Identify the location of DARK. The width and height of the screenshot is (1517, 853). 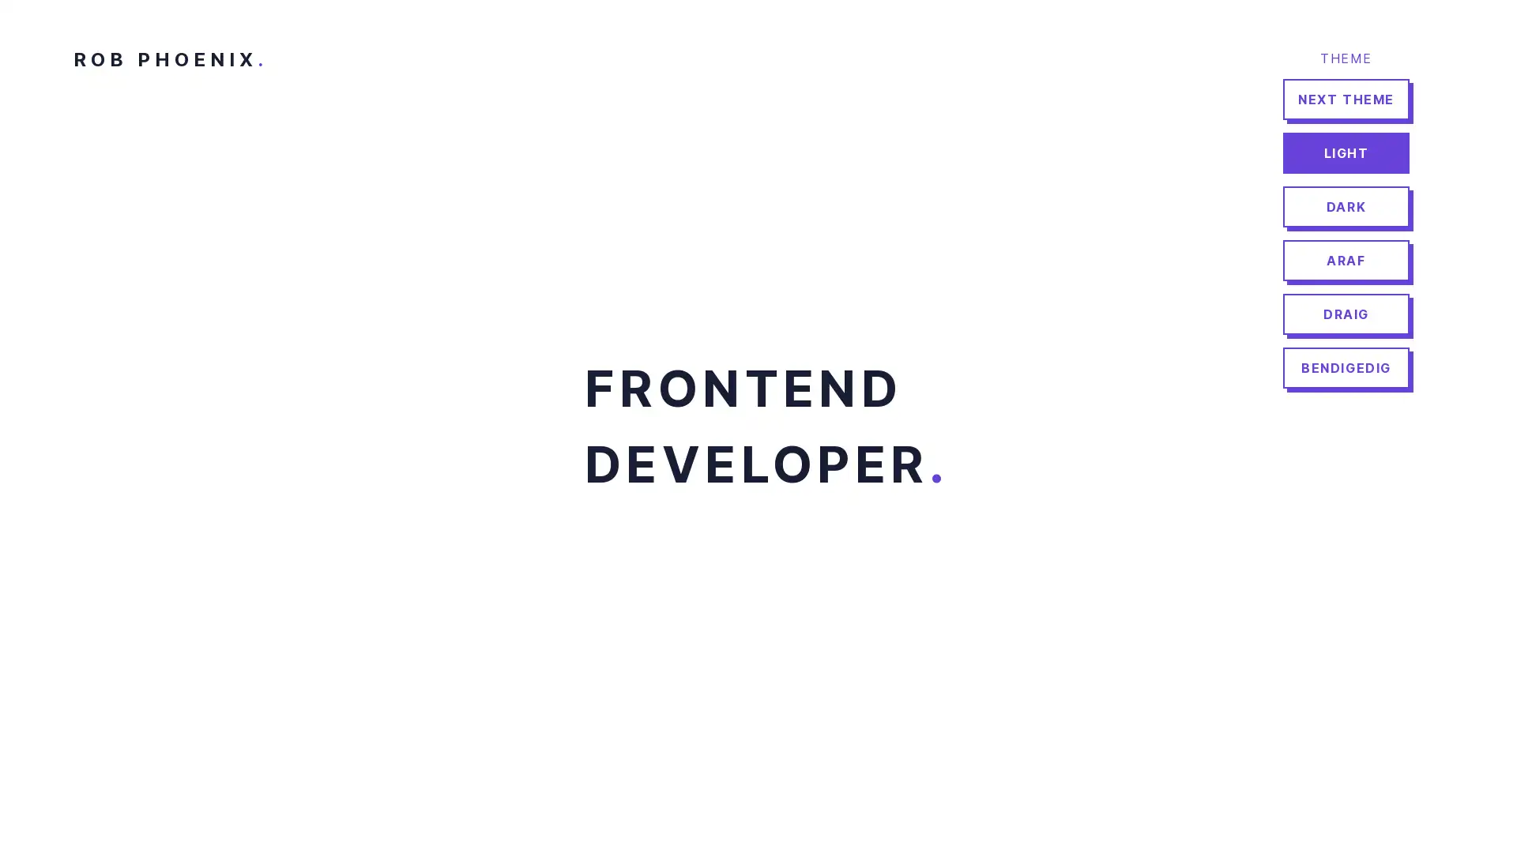
(1346, 206).